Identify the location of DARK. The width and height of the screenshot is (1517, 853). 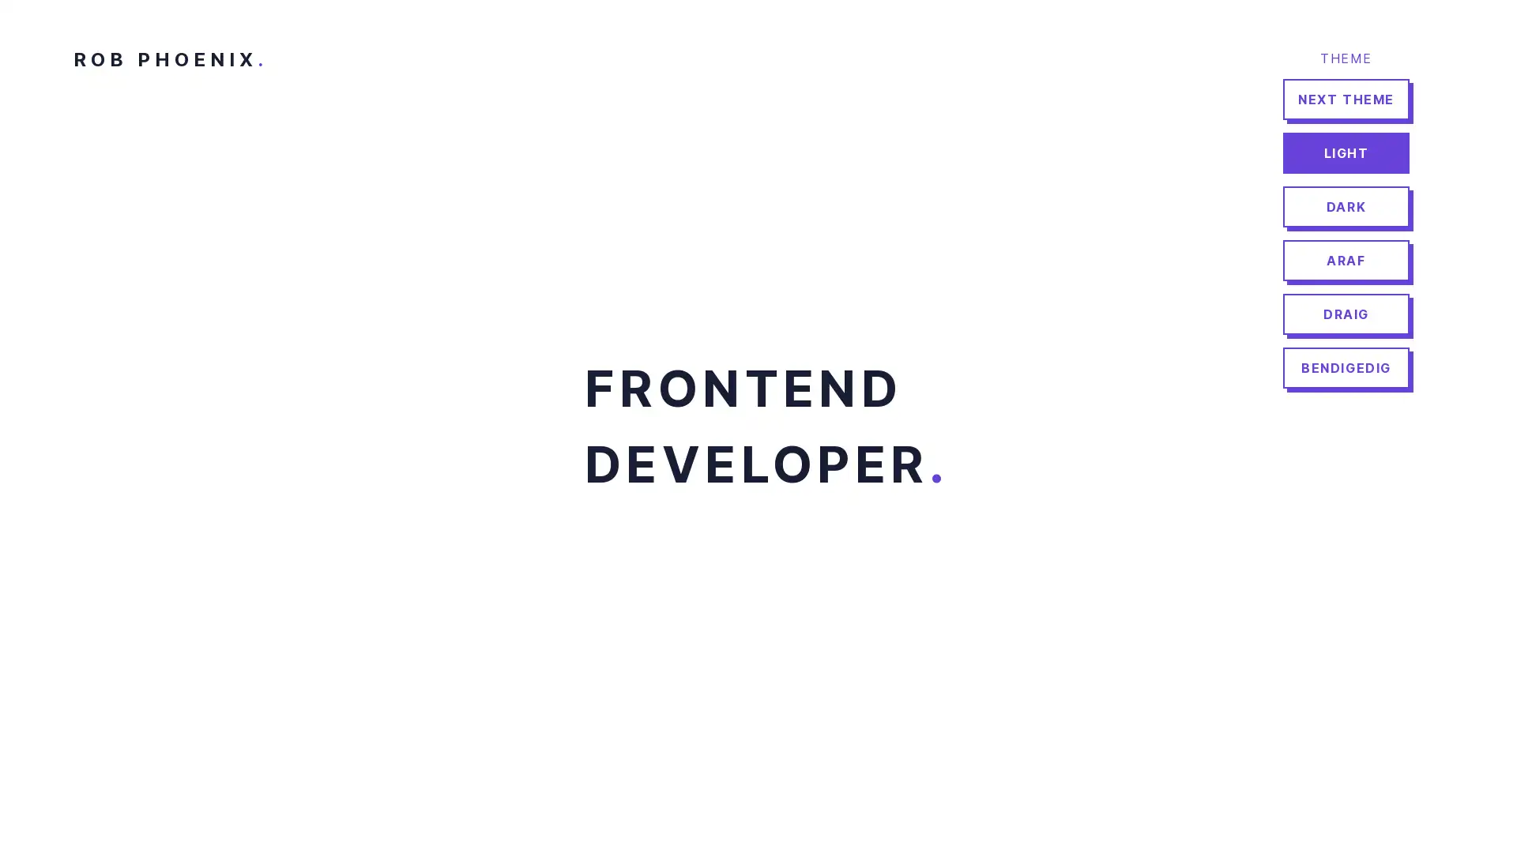
(1346, 206).